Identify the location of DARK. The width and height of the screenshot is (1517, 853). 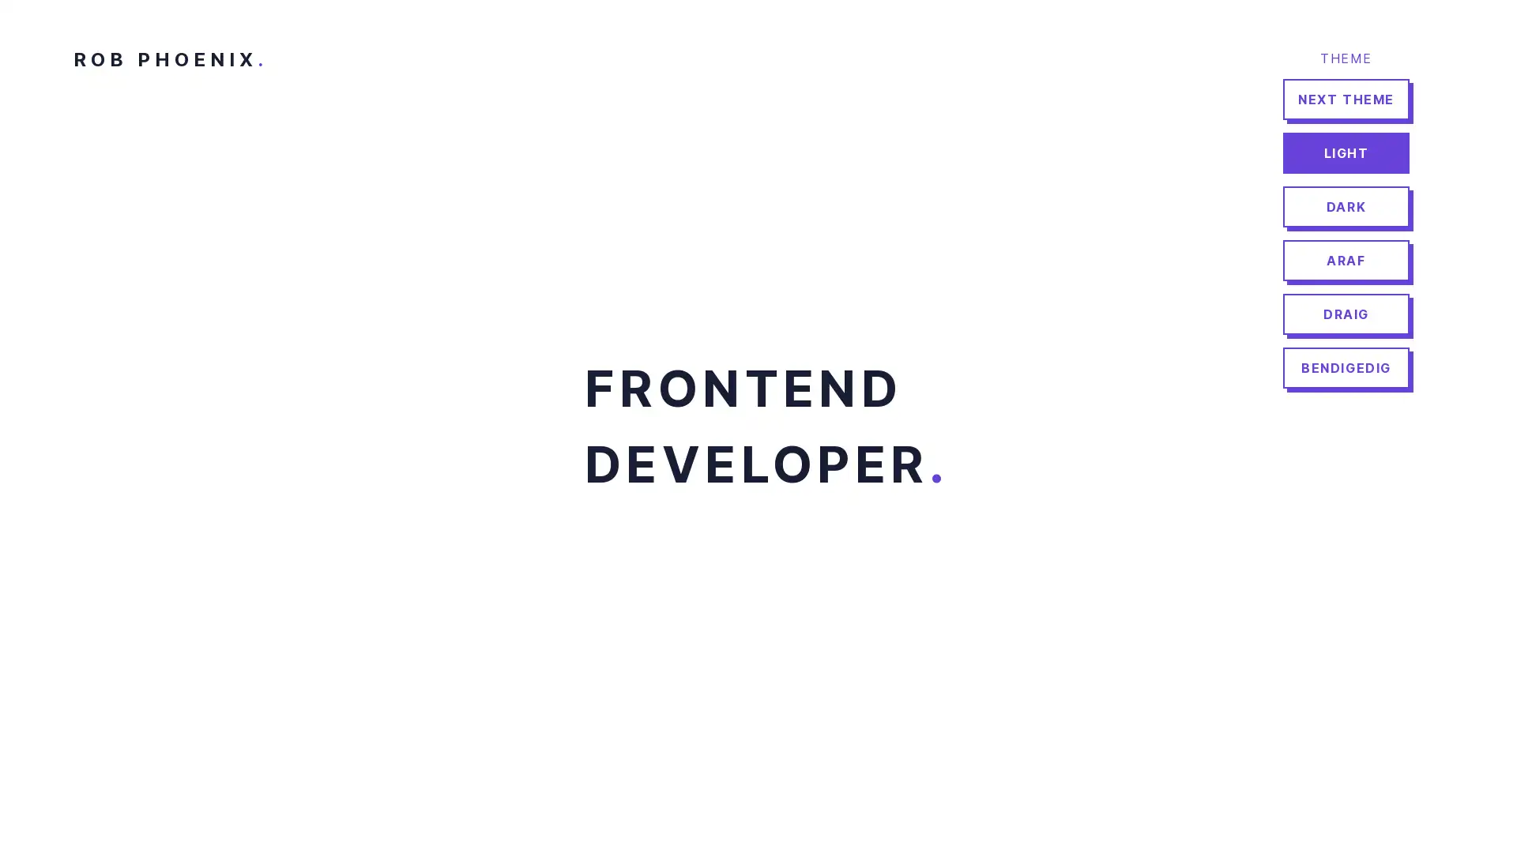
(1346, 206).